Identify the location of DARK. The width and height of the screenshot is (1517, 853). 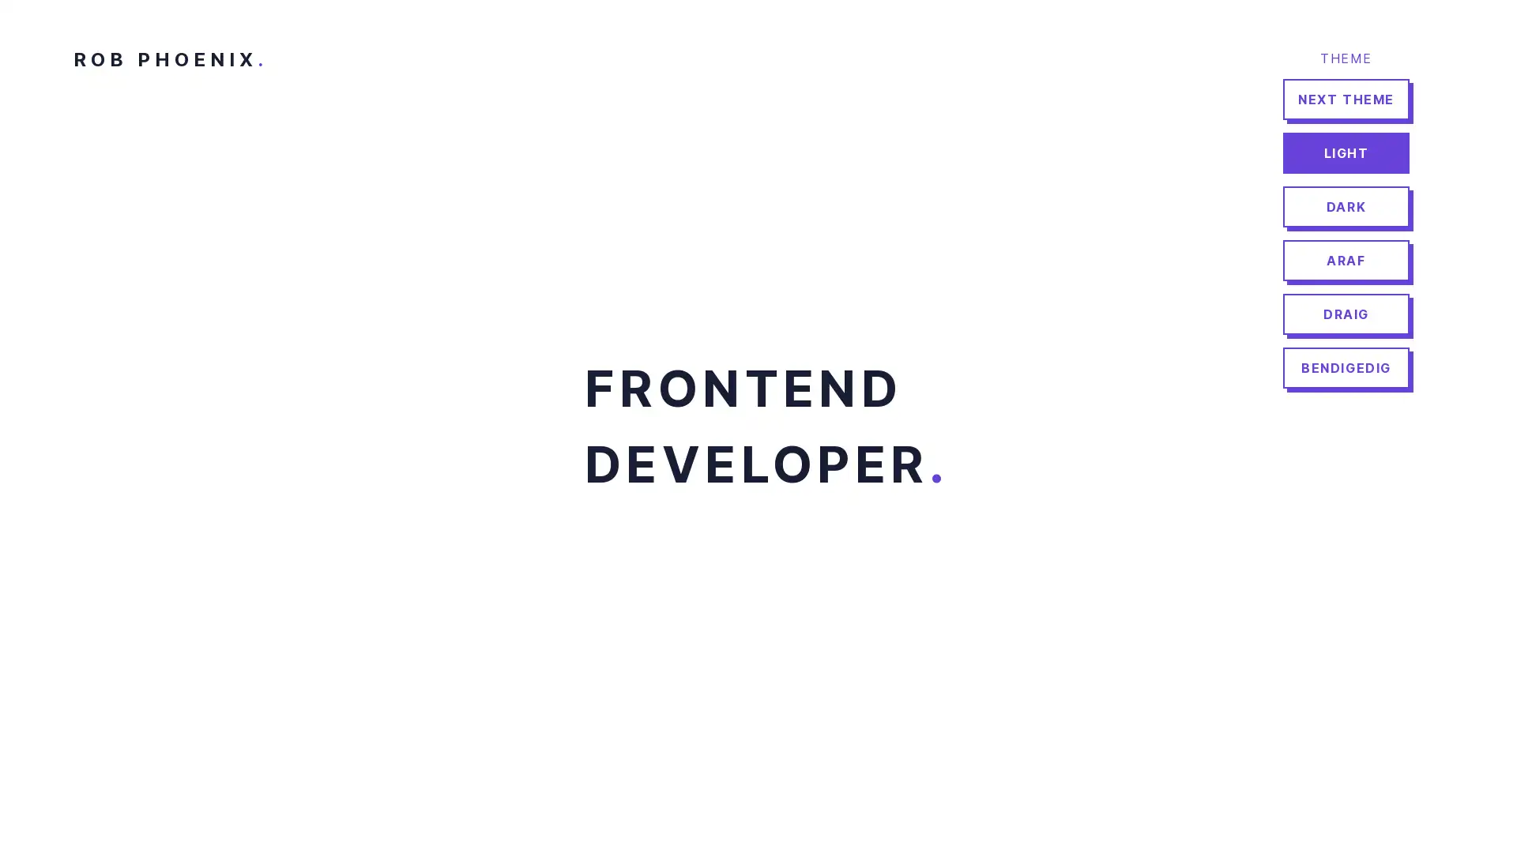
(1346, 206).